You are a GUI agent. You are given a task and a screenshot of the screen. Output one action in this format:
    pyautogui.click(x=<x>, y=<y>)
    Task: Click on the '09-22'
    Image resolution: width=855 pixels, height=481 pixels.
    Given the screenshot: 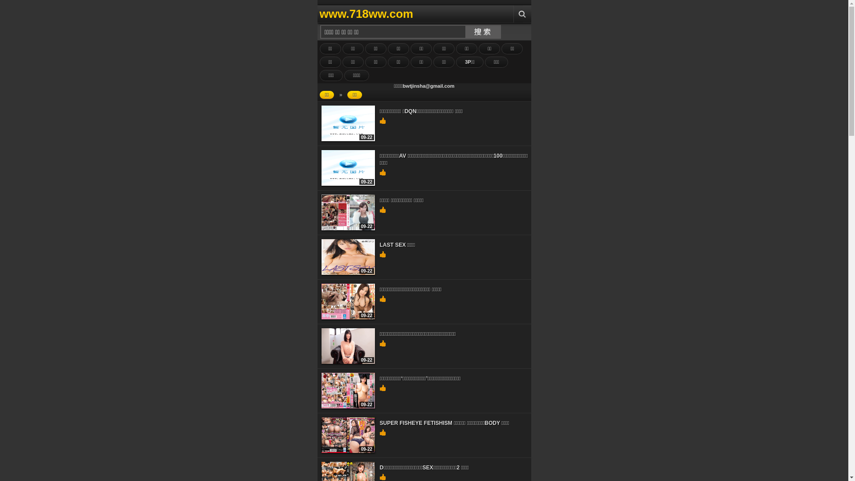 What is the action you would take?
    pyautogui.click(x=348, y=273)
    